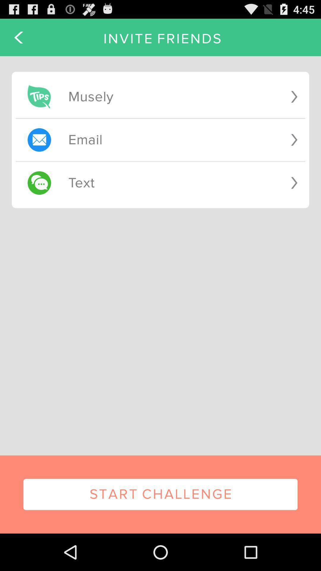  Describe the element at coordinates (160, 494) in the screenshot. I see `start challenge icon` at that location.